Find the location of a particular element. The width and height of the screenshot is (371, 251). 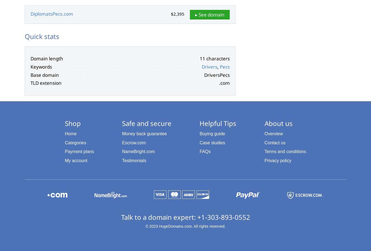

'Home' is located at coordinates (70, 133).